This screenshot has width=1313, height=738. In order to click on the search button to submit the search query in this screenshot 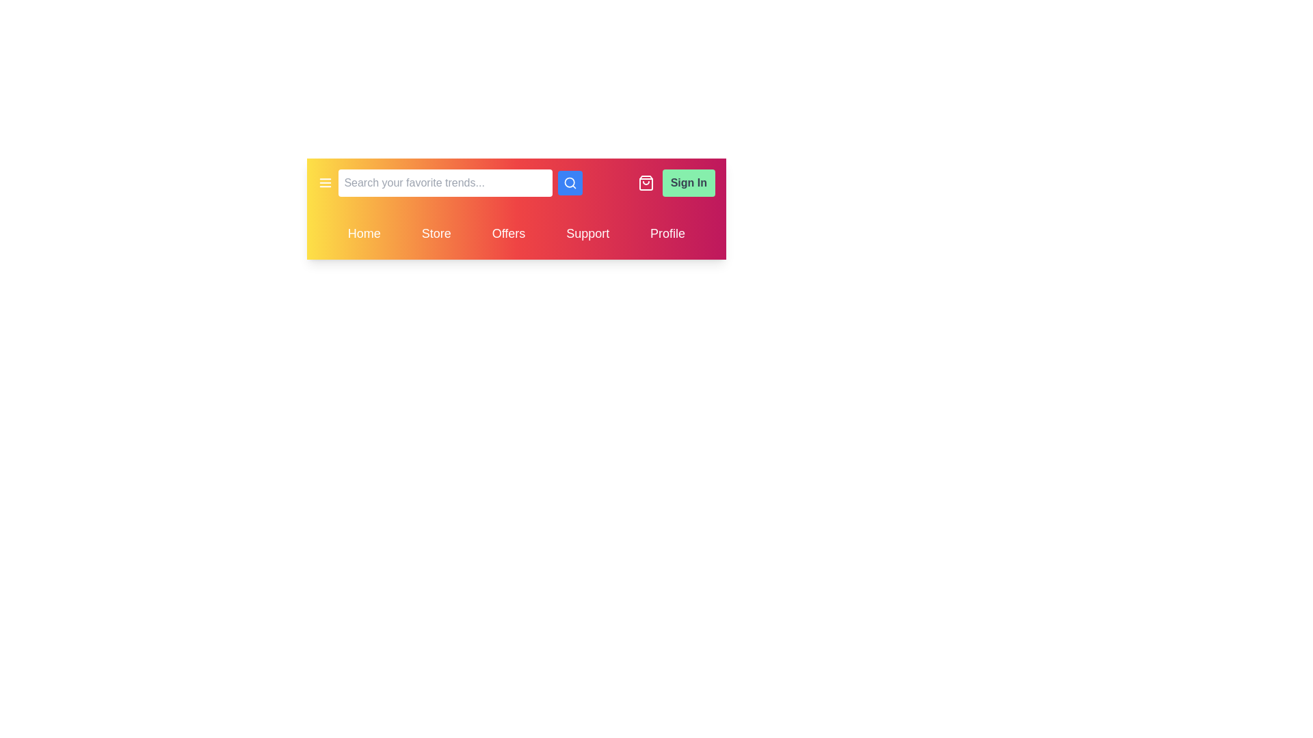, I will do `click(570, 182)`.